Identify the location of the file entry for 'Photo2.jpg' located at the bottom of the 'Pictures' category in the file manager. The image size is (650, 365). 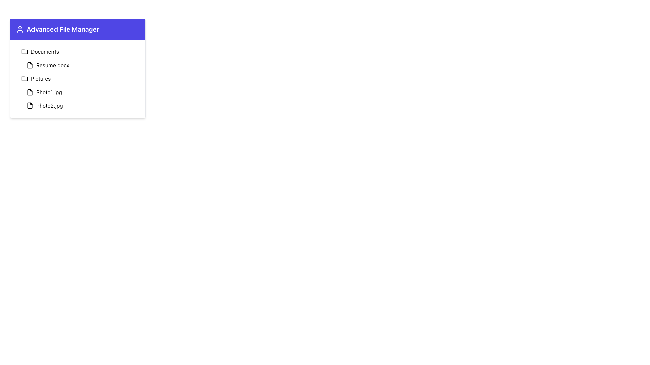
(81, 105).